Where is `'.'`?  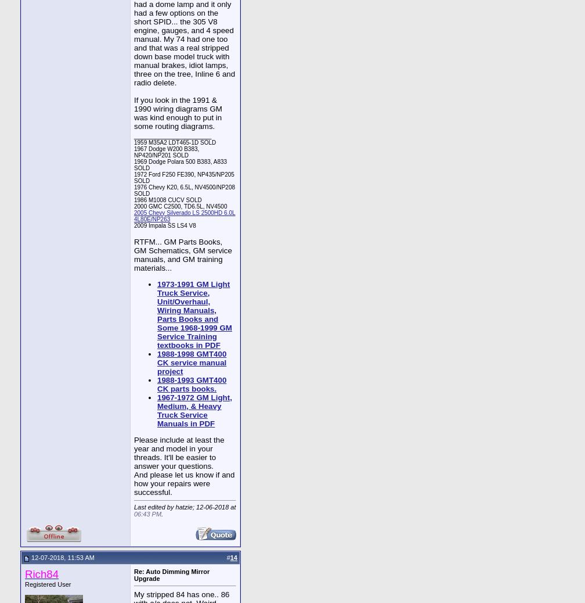
'.' is located at coordinates (162, 514).